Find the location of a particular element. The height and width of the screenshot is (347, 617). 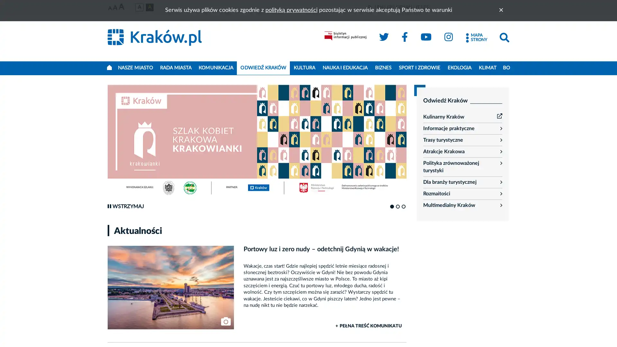

Go to slide 2 is located at coordinates (398, 207).